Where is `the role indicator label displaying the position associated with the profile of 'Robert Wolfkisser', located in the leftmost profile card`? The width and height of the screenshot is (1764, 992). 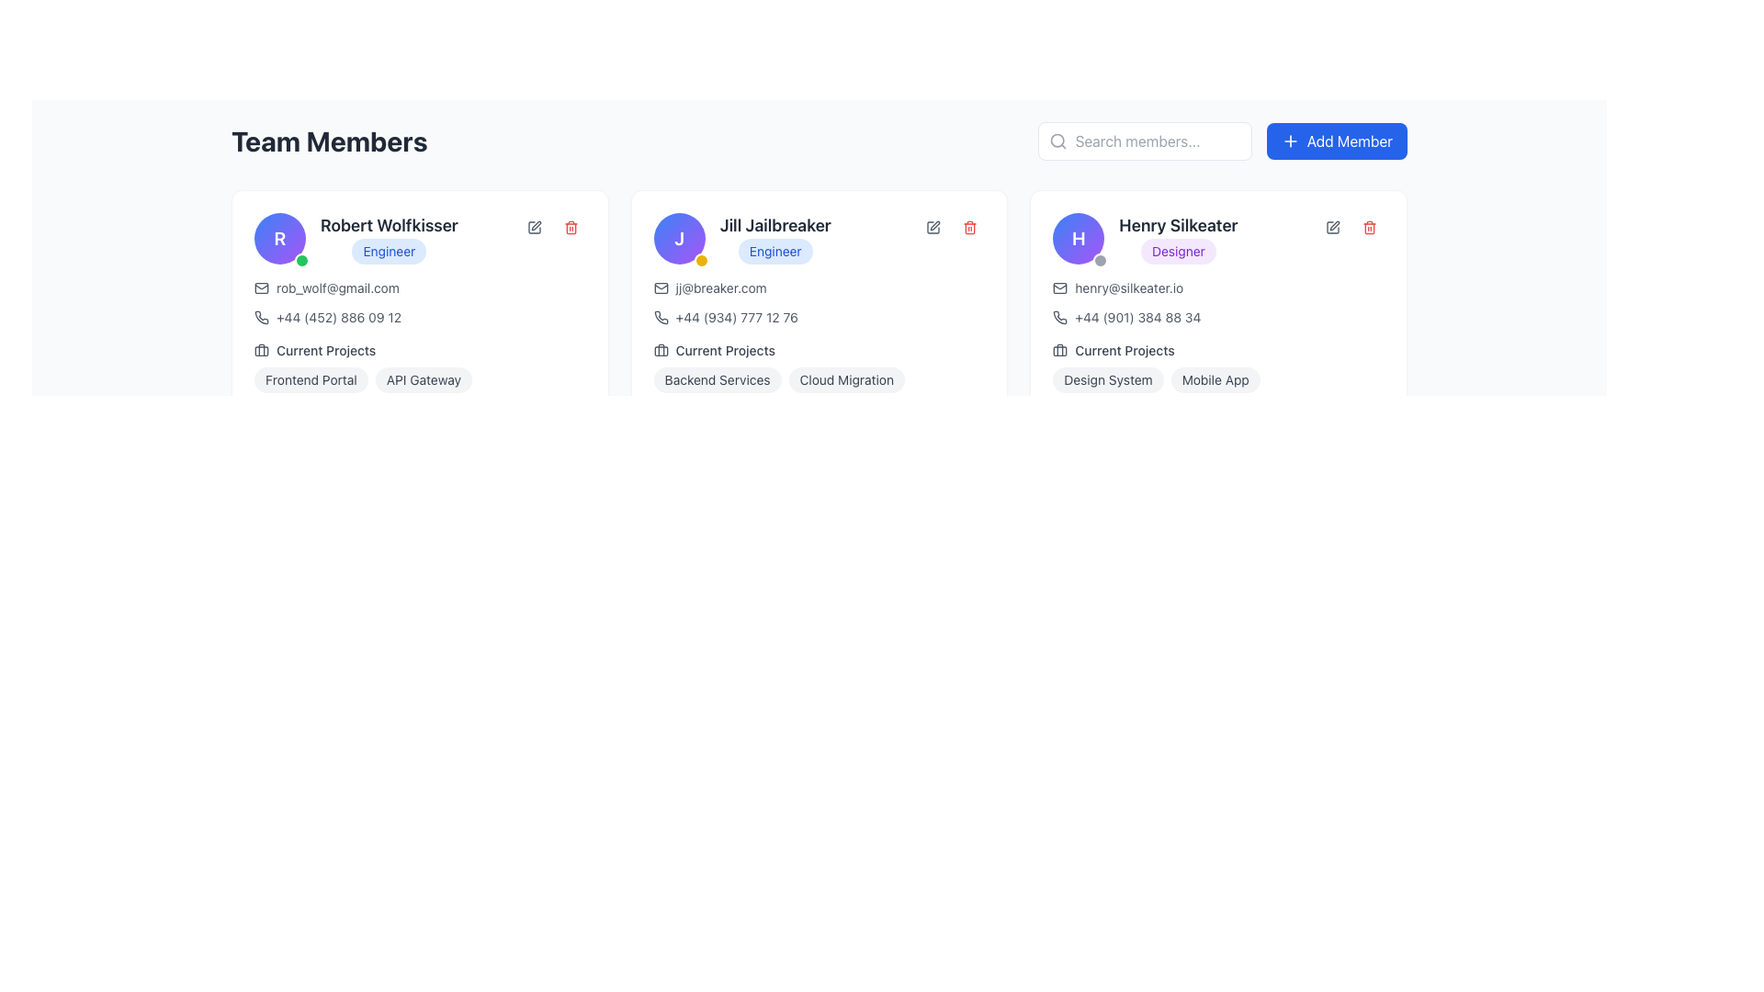
the role indicator label displaying the position associated with the profile of 'Robert Wolfkisser', located in the leftmost profile card is located at coordinates (388, 251).